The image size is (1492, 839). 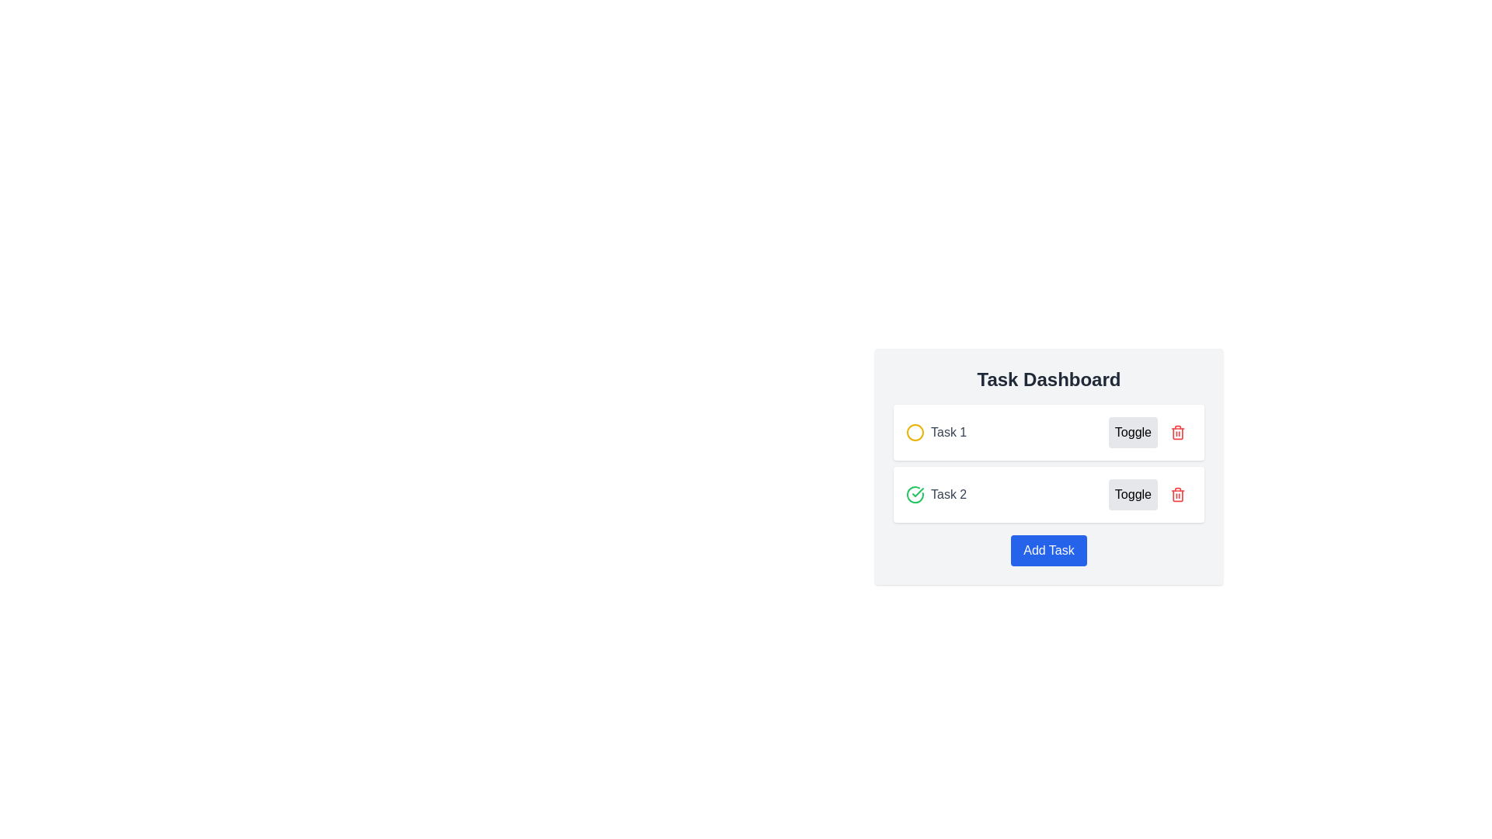 What do you see at coordinates (1133, 432) in the screenshot?
I see `the 'Toggle' button, which is a rectangular button with a light gray background and slightly rounded corners, to toggle repeatedly` at bounding box center [1133, 432].